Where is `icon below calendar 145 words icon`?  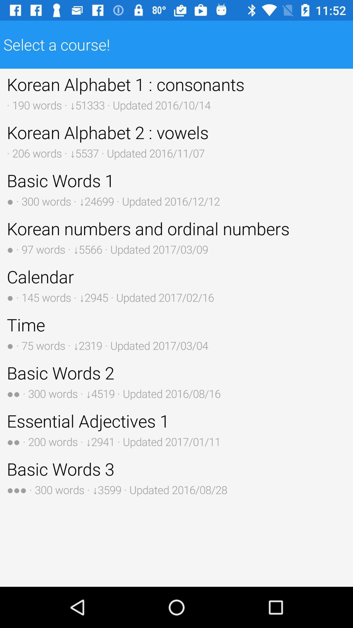
icon below calendar 145 words icon is located at coordinates (176, 333).